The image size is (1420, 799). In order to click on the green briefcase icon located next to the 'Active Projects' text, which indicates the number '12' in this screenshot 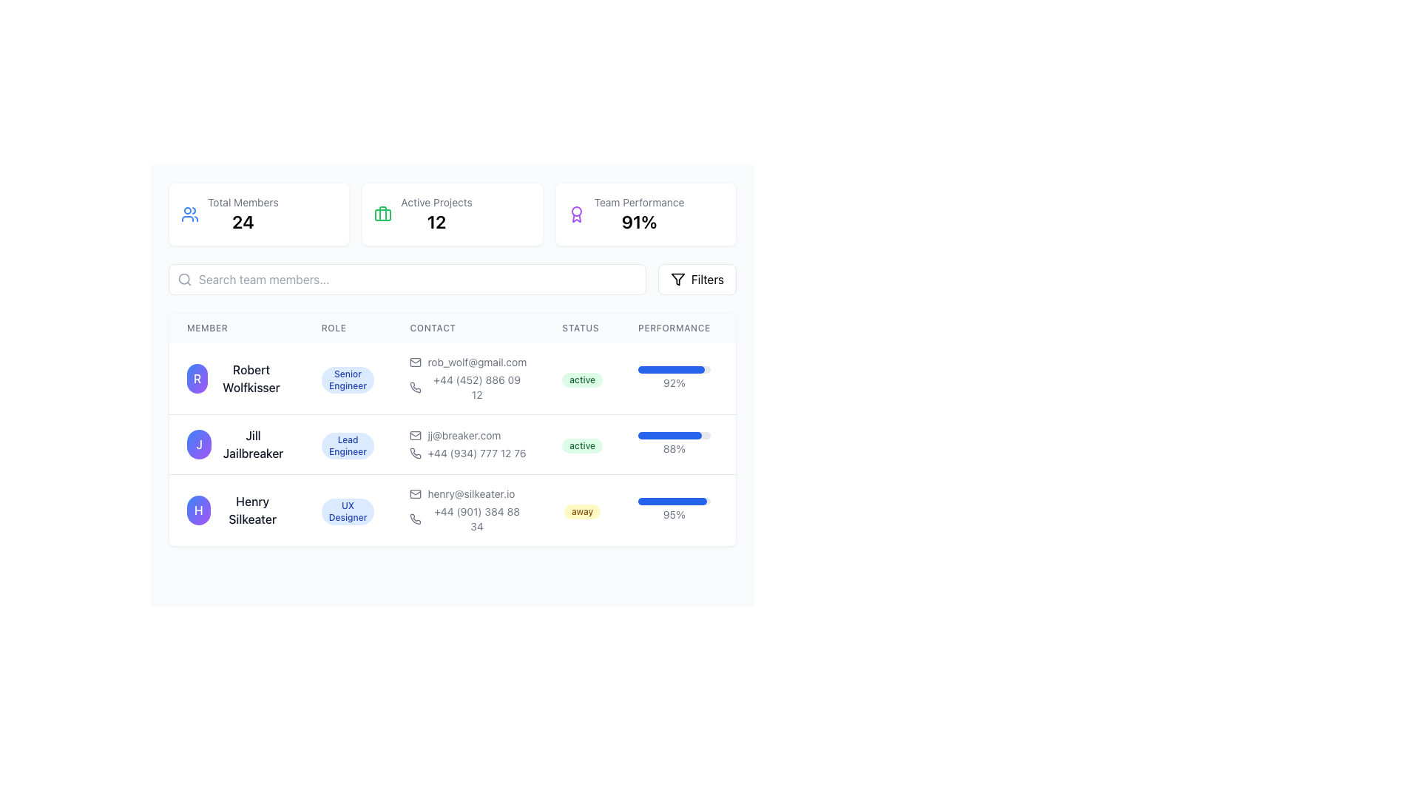, I will do `click(383, 214)`.